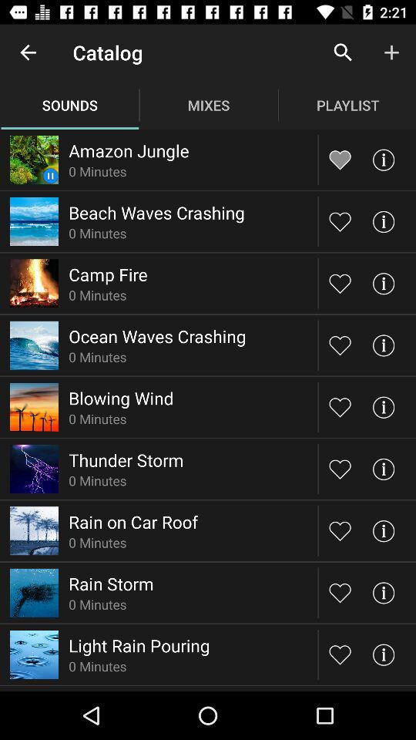  I want to click on favorite option, so click(340, 345).